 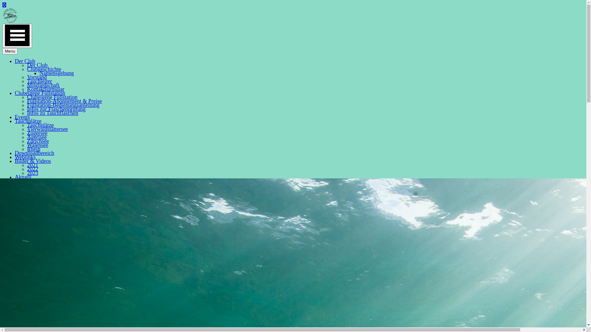 What do you see at coordinates (37, 145) in the screenshot?
I see `'Walensee'` at bounding box center [37, 145].